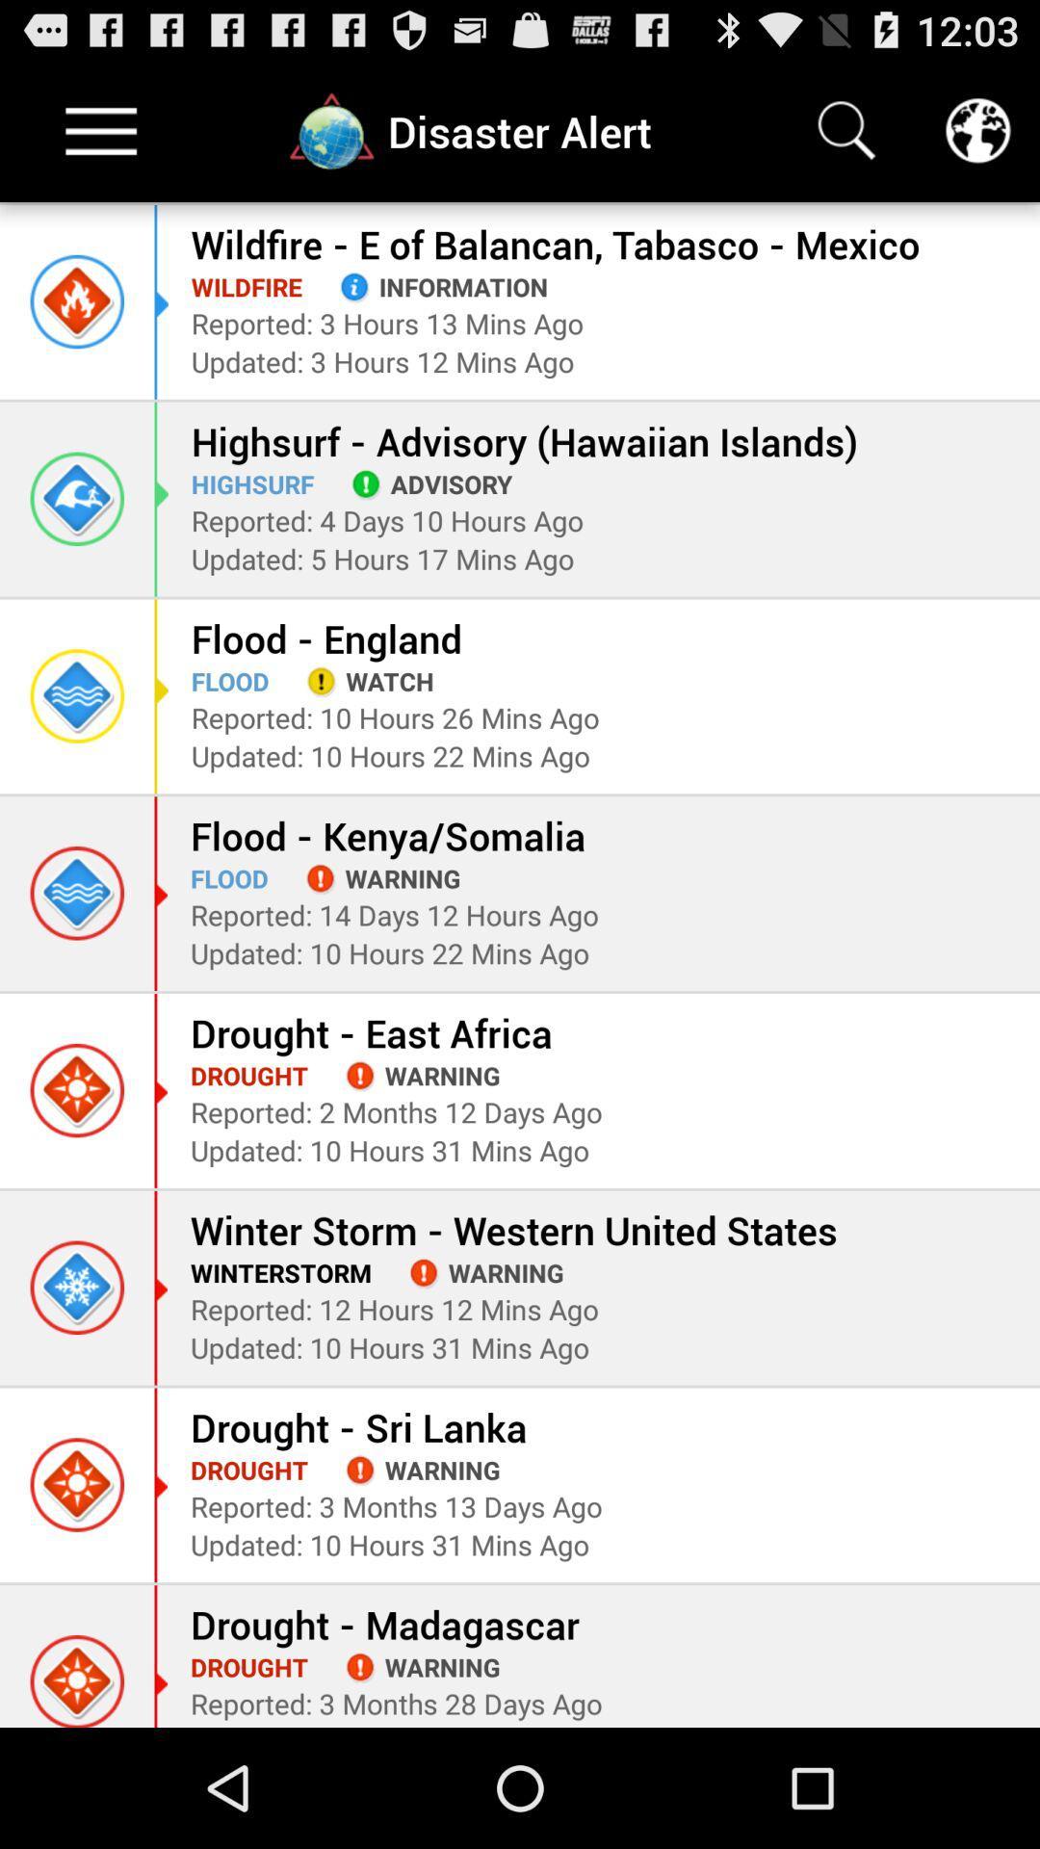  What do you see at coordinates (845, 130) in the screenshot?
I see `search` at bounding box center [845, 130].